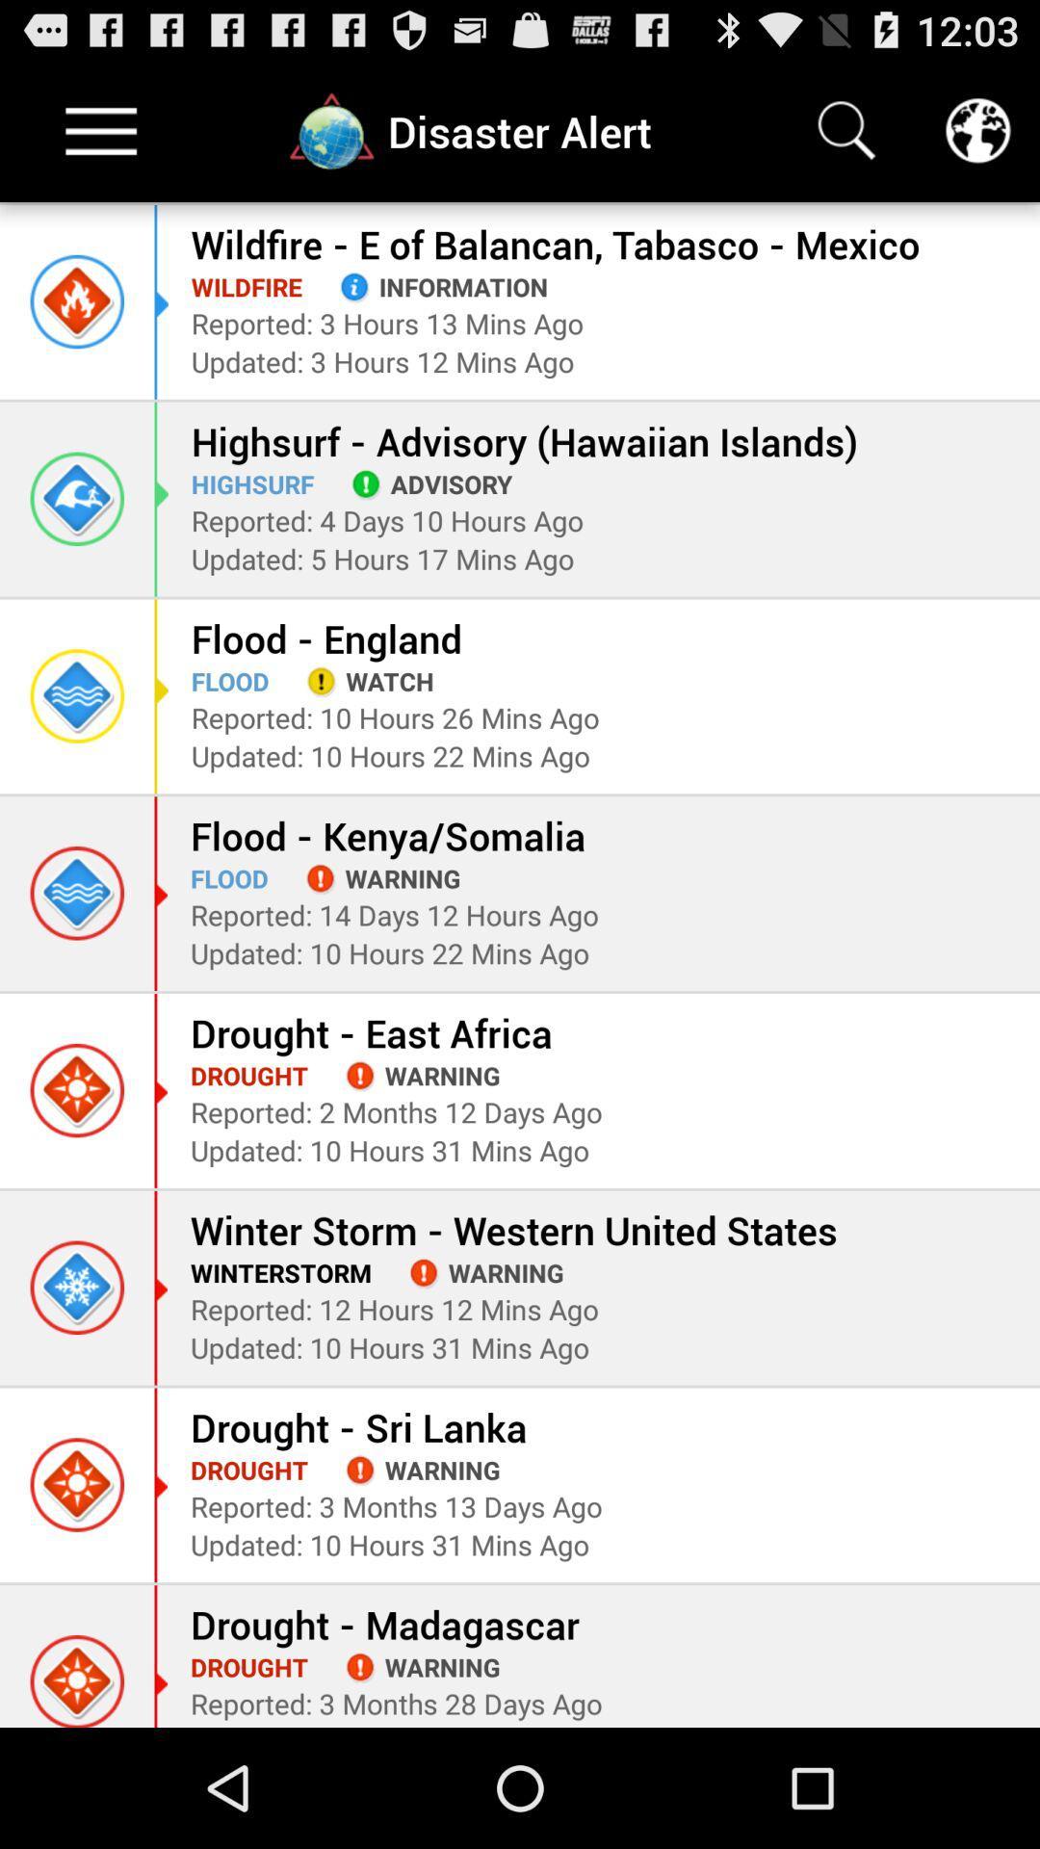  What do you see at coordinates (845, 130) in the screenshot?
I see `search` at bounding box center [845, 130].